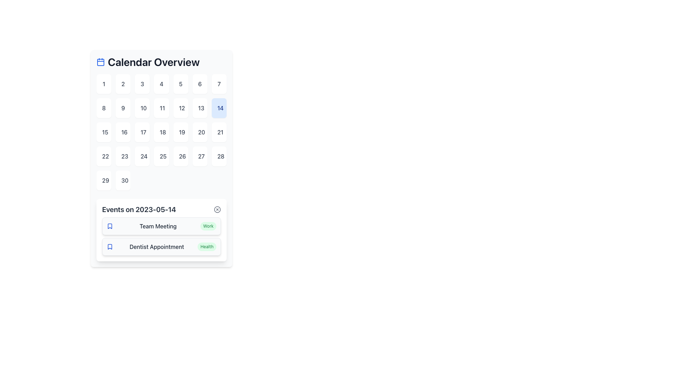  Describe the element at coordinates (218, 132) in the screenshot. I see `the button labeled '21' in the Calendar Overview section` at that location.